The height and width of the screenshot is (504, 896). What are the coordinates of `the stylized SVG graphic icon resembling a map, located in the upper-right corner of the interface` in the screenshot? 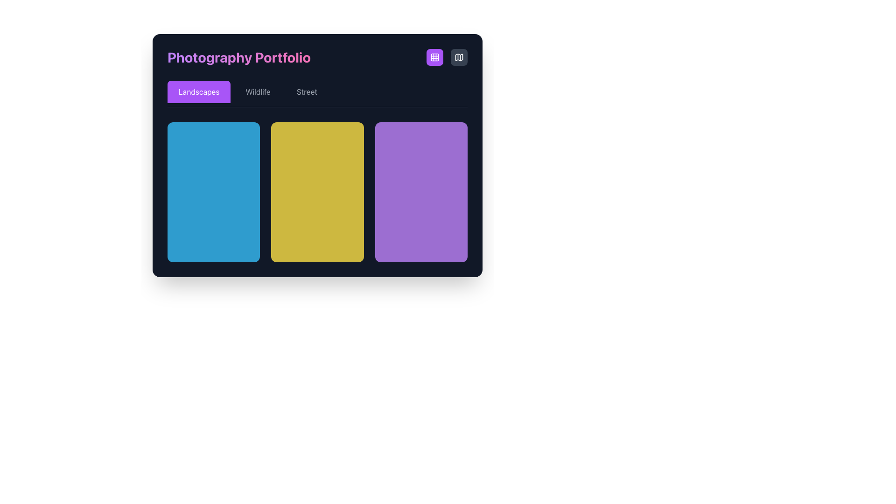 It's located at (459, 57).